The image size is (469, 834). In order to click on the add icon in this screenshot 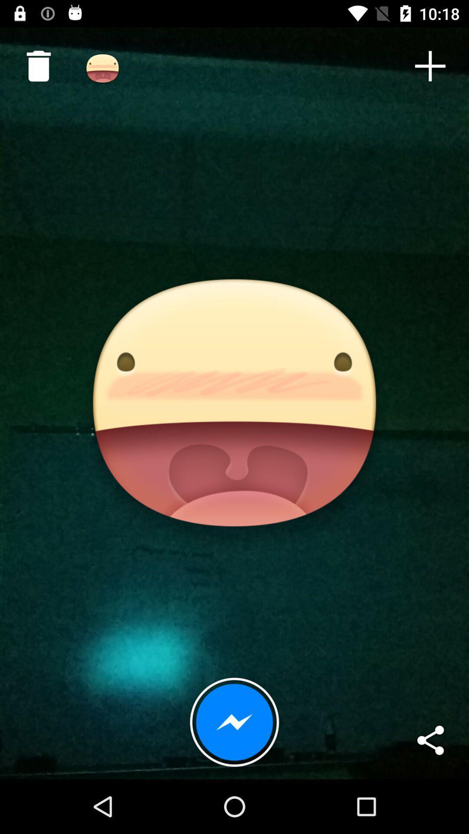, I will do `click(430, 66)`.